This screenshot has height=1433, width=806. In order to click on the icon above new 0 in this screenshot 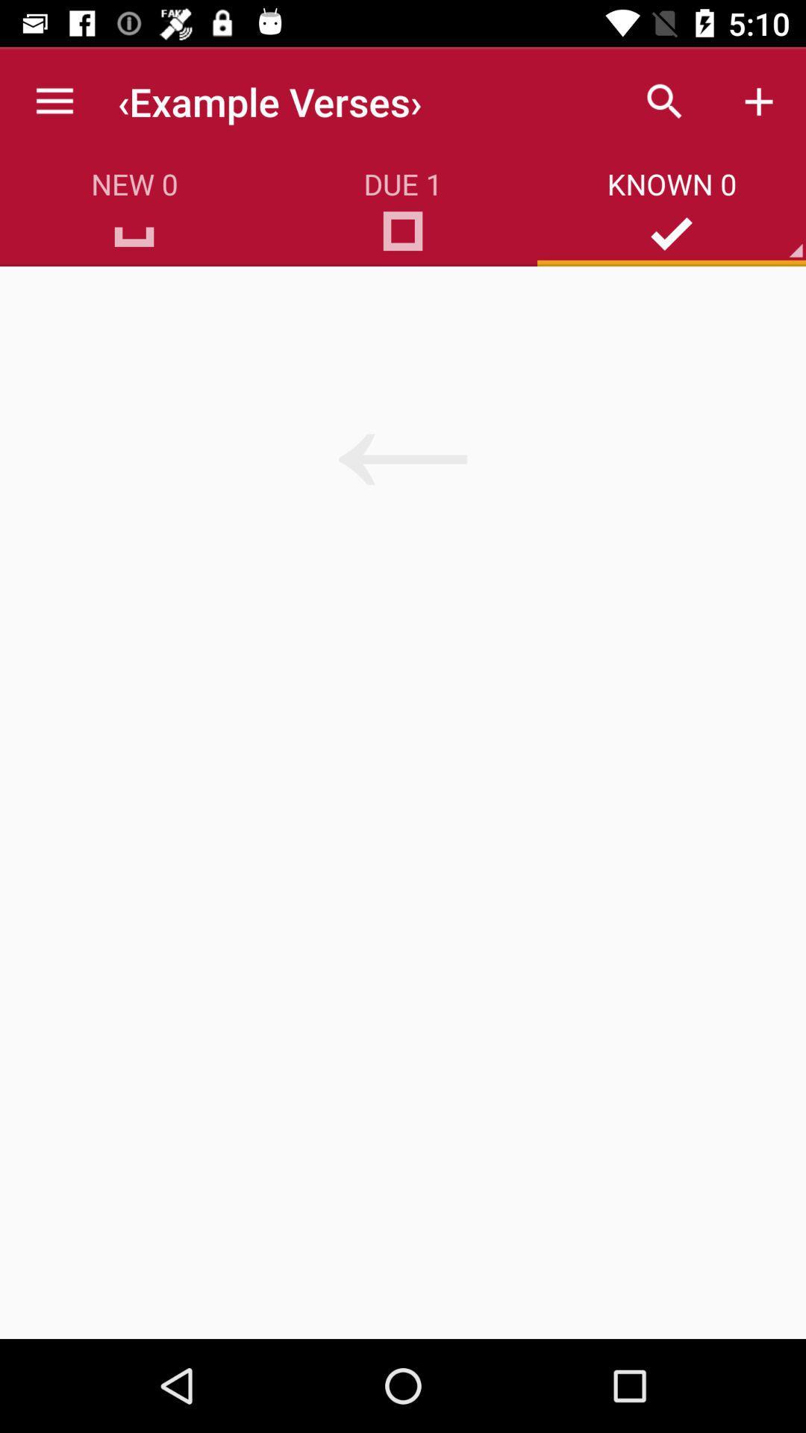, I will do `click(54, 101)`.